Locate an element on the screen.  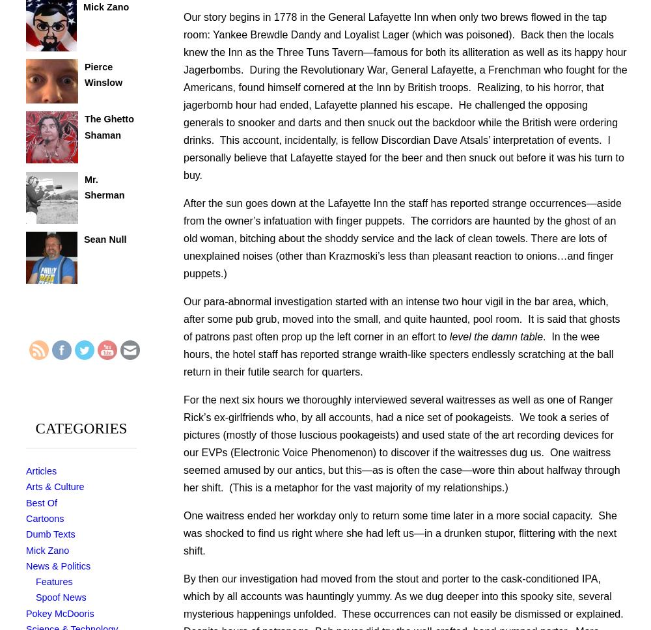
'For the next six hours we thoroughly interviewed several waitresses as well as one of Ranger Rick’s ex-girlfriends who, by all accounts, had a nice set of pookageists.  We took a series of pictures (mostly of those luscious pookageists) and used state of the art recording devices for our EVPs (Electronic Voice Phenomenon) to discover if the waitresses dug us.  One waitress seemed amused by our antics, but this—as is often the case—wore thin about halfway through her shift.  (This is a metaphor for the vast majority of my relationships.)' is located at coordinates (401, 443).